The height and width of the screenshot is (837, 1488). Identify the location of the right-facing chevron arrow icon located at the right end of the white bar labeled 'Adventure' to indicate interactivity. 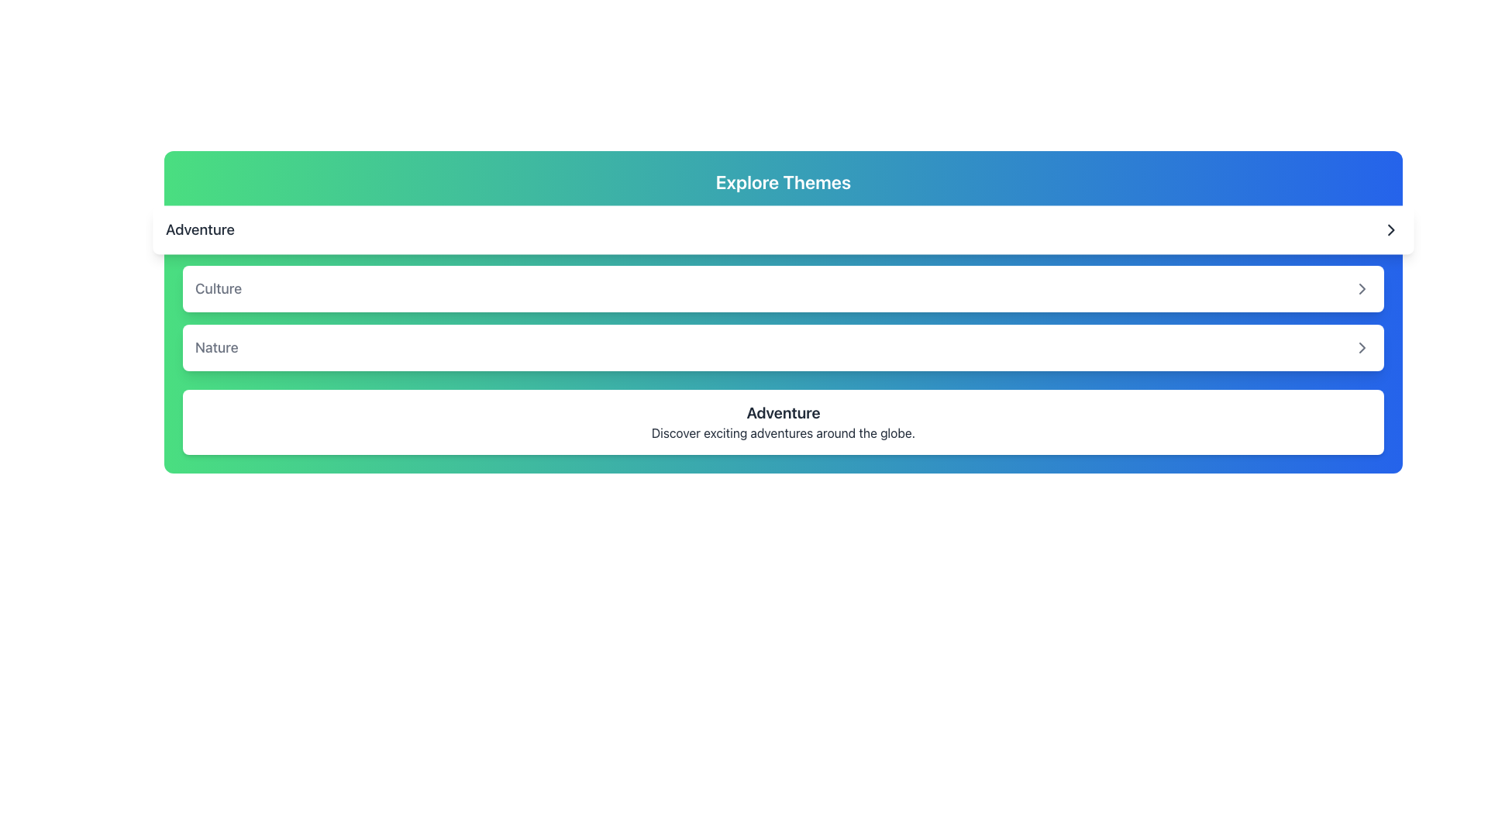
(1391, 230).